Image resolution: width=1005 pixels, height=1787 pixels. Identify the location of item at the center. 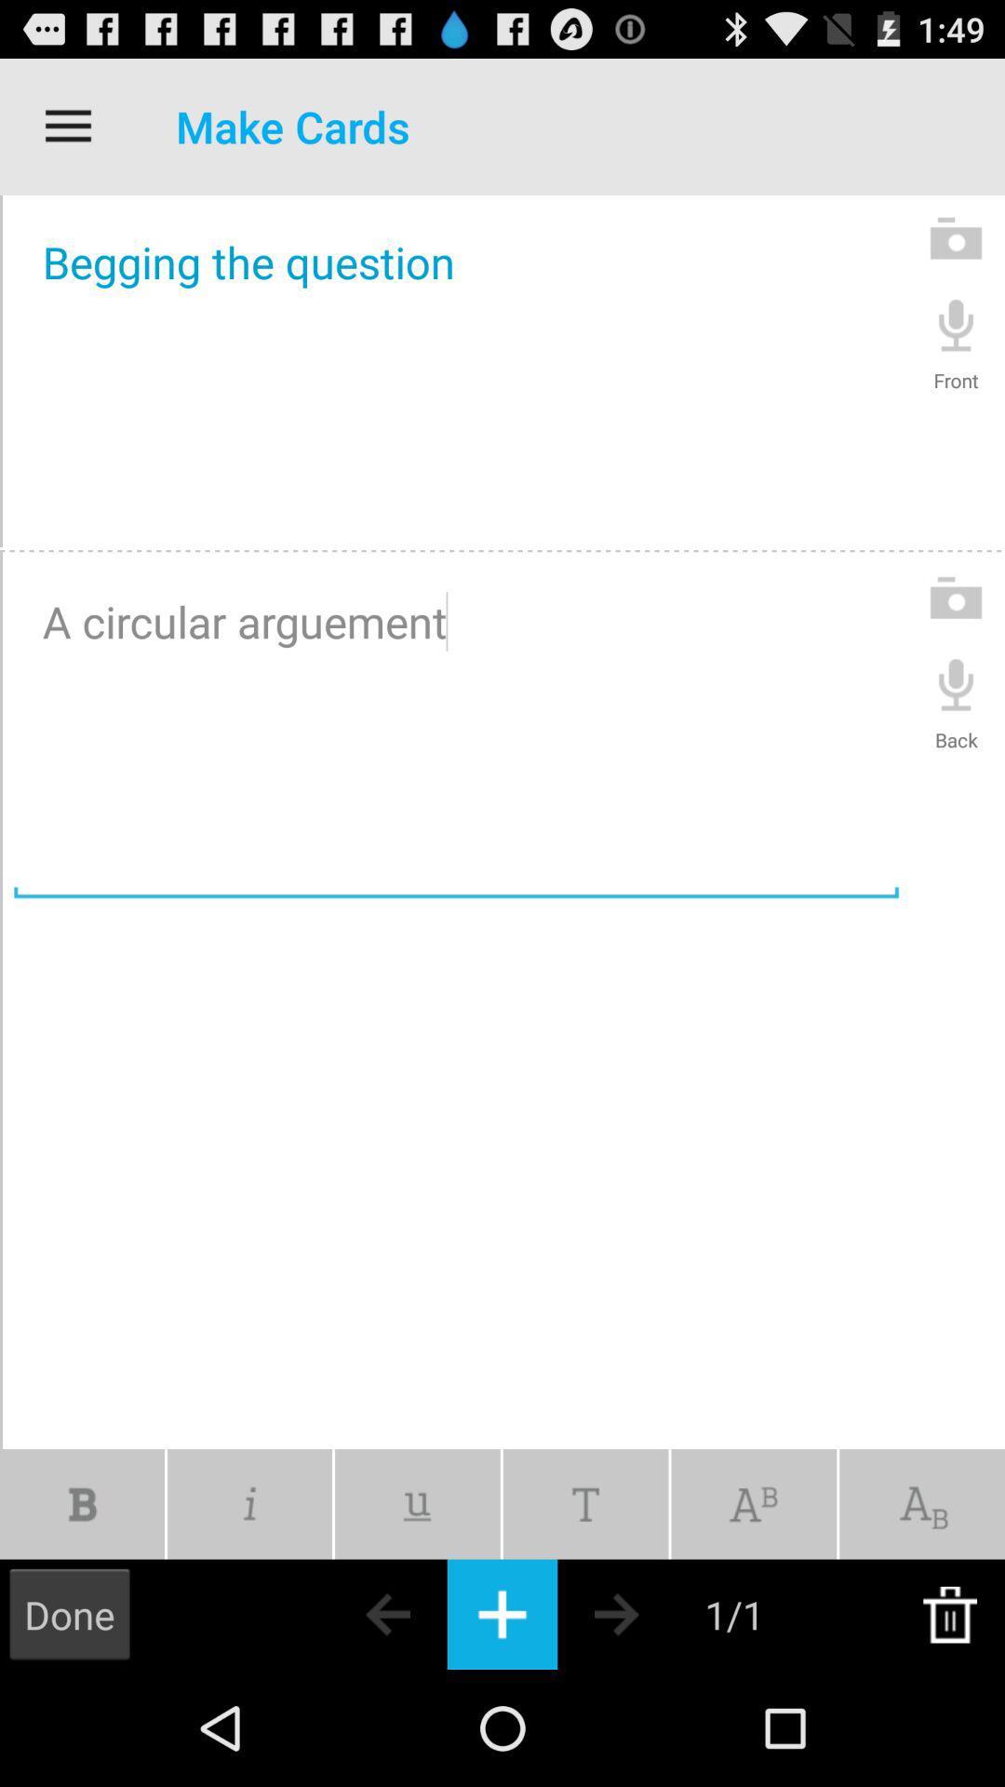
(456, 730).